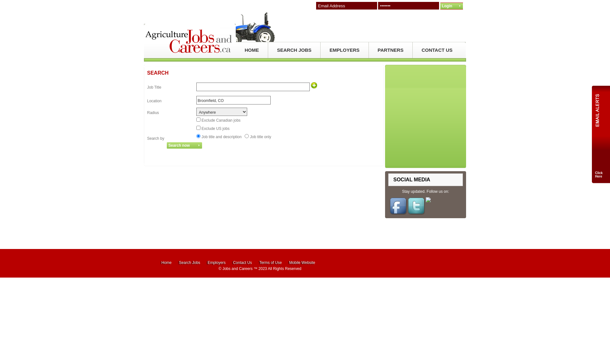 This screenshot has height=343, width=610. I want to click on 'Search Jobs', so click(178, 262).